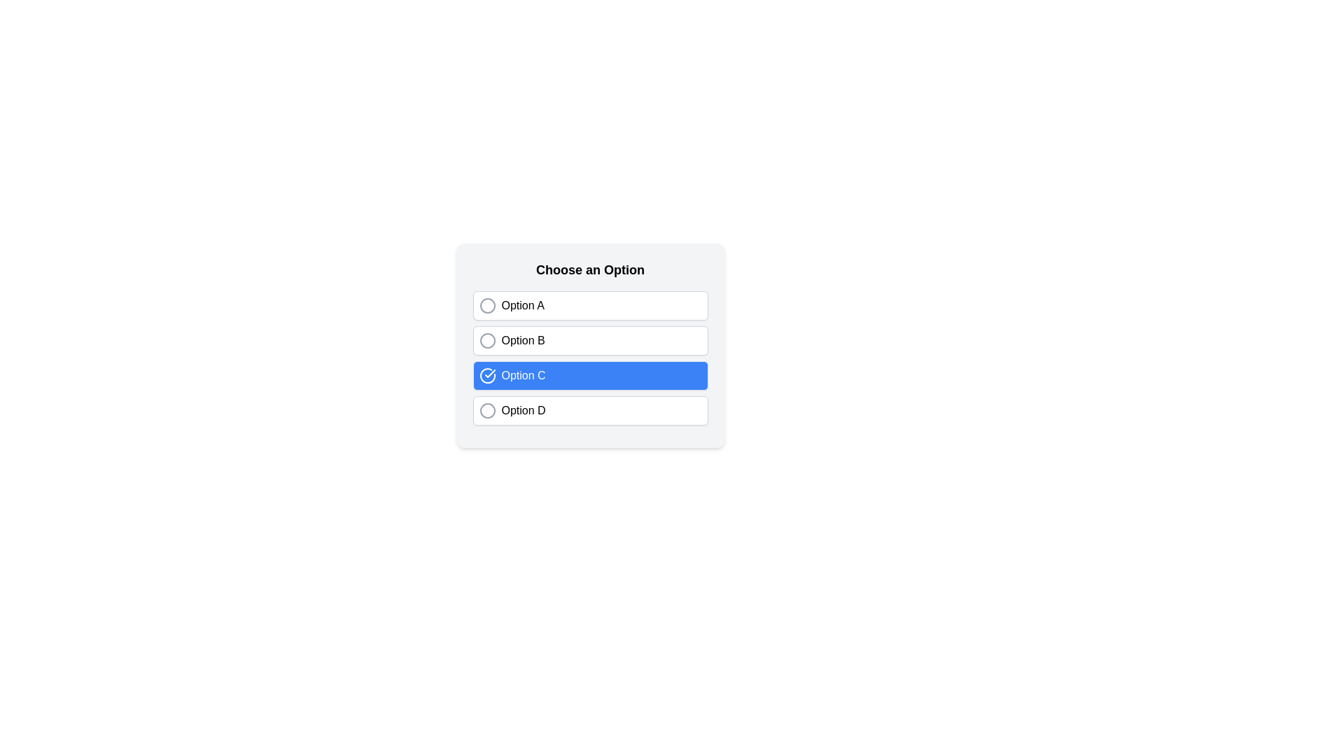 Image resolution: width=1344 pixels, height=756 pixels. Describe the element at coordinates (487, 304) in the screenshot. I see `the empty circular radio button icon located to the left of the text 'Option A'` at that location.